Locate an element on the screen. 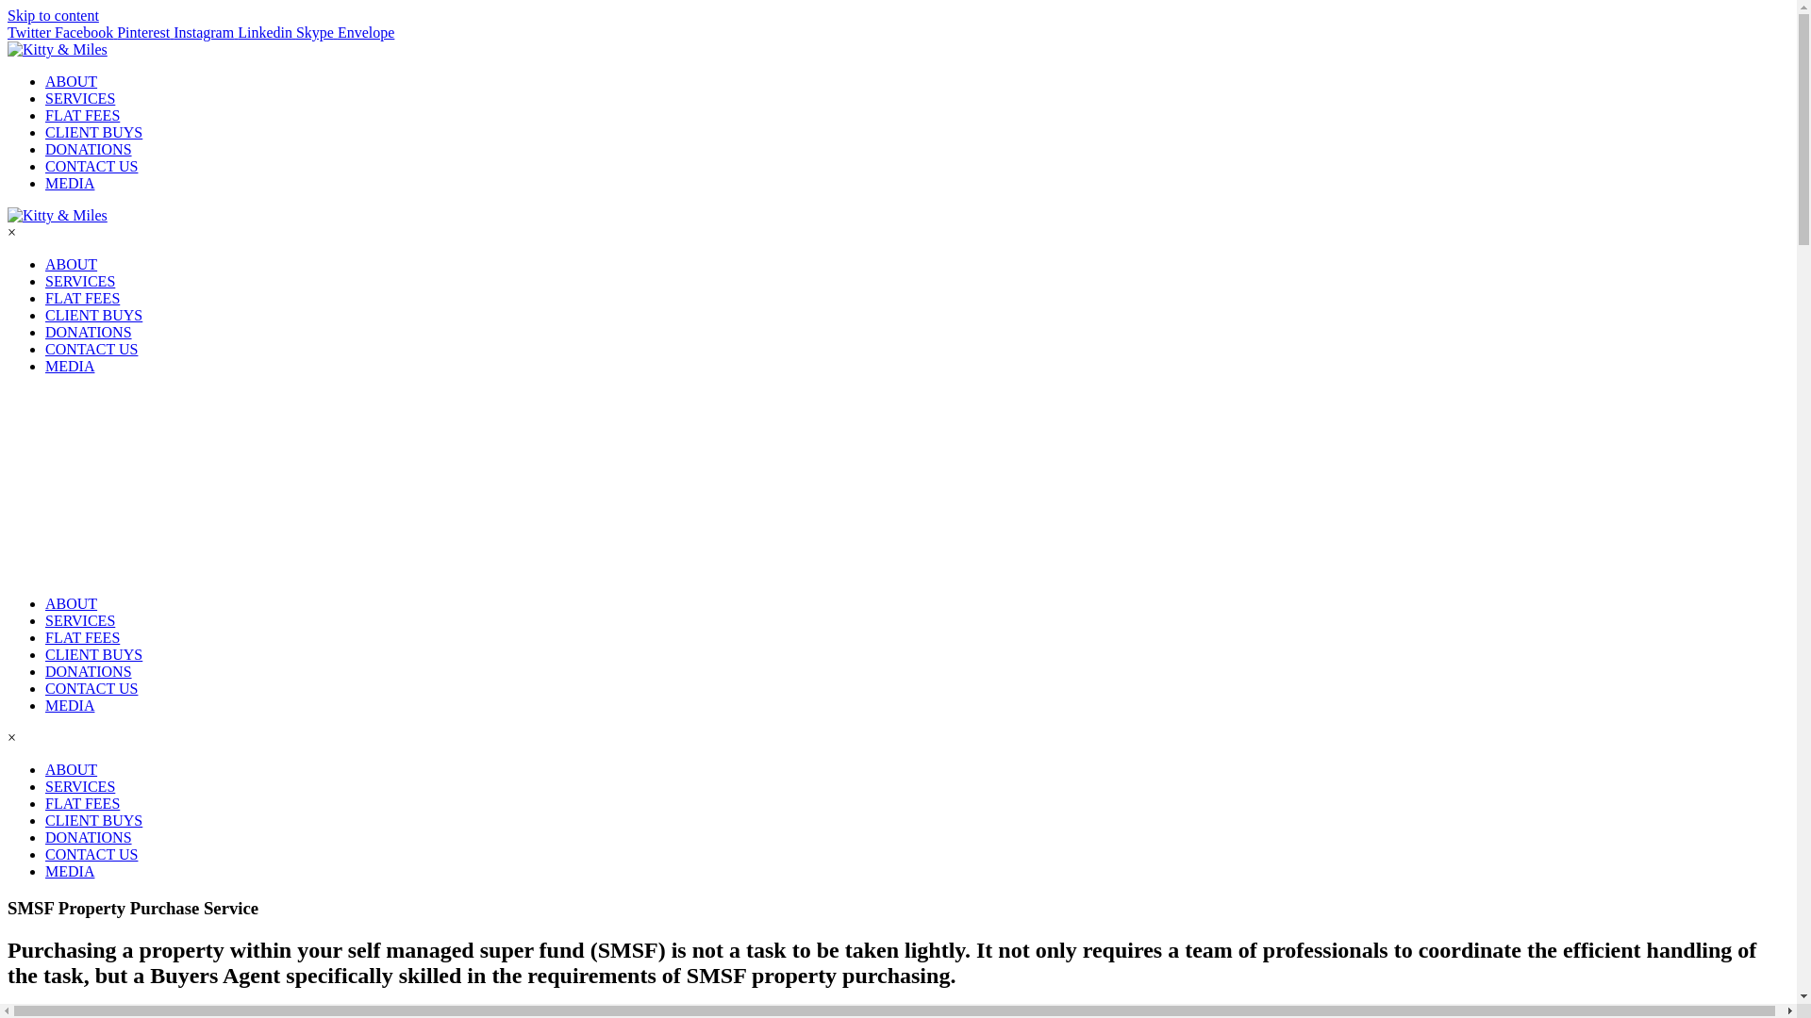  'MEDIA' is located at coordinates (69, 705).